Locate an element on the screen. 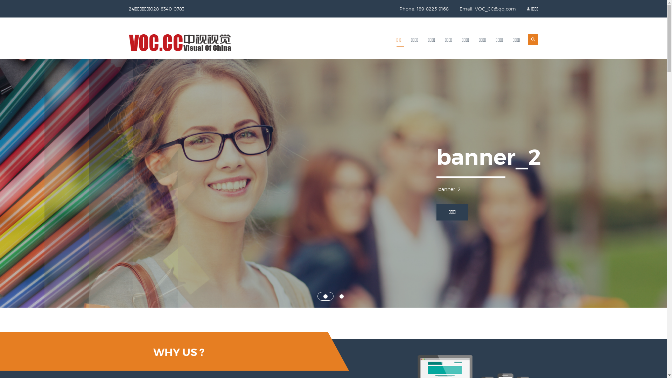  '1' is located at coordinates (323, 296).